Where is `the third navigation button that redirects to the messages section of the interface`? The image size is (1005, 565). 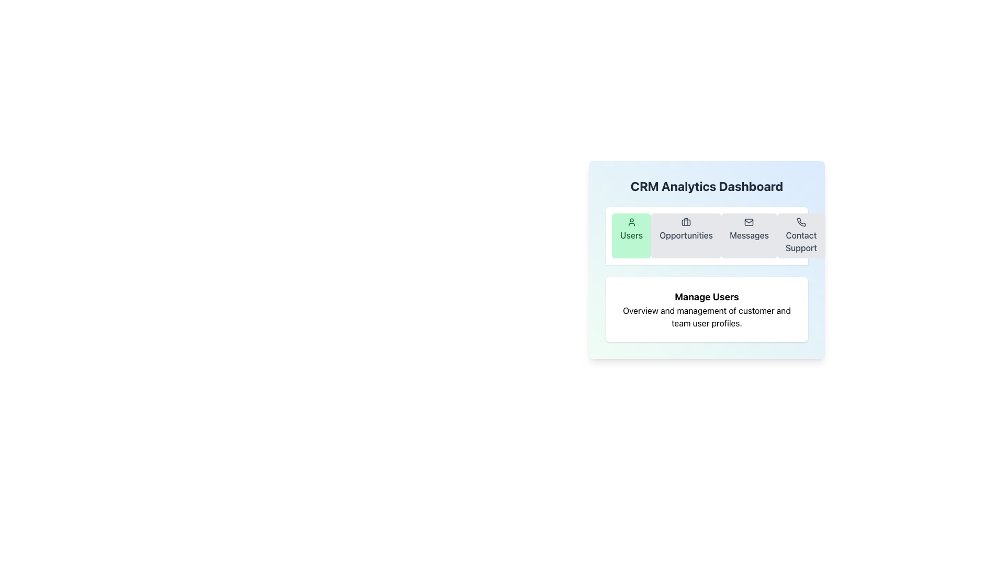 the third navigation button that redirects to the messages section of the interface is located at coordinates (749, 236).